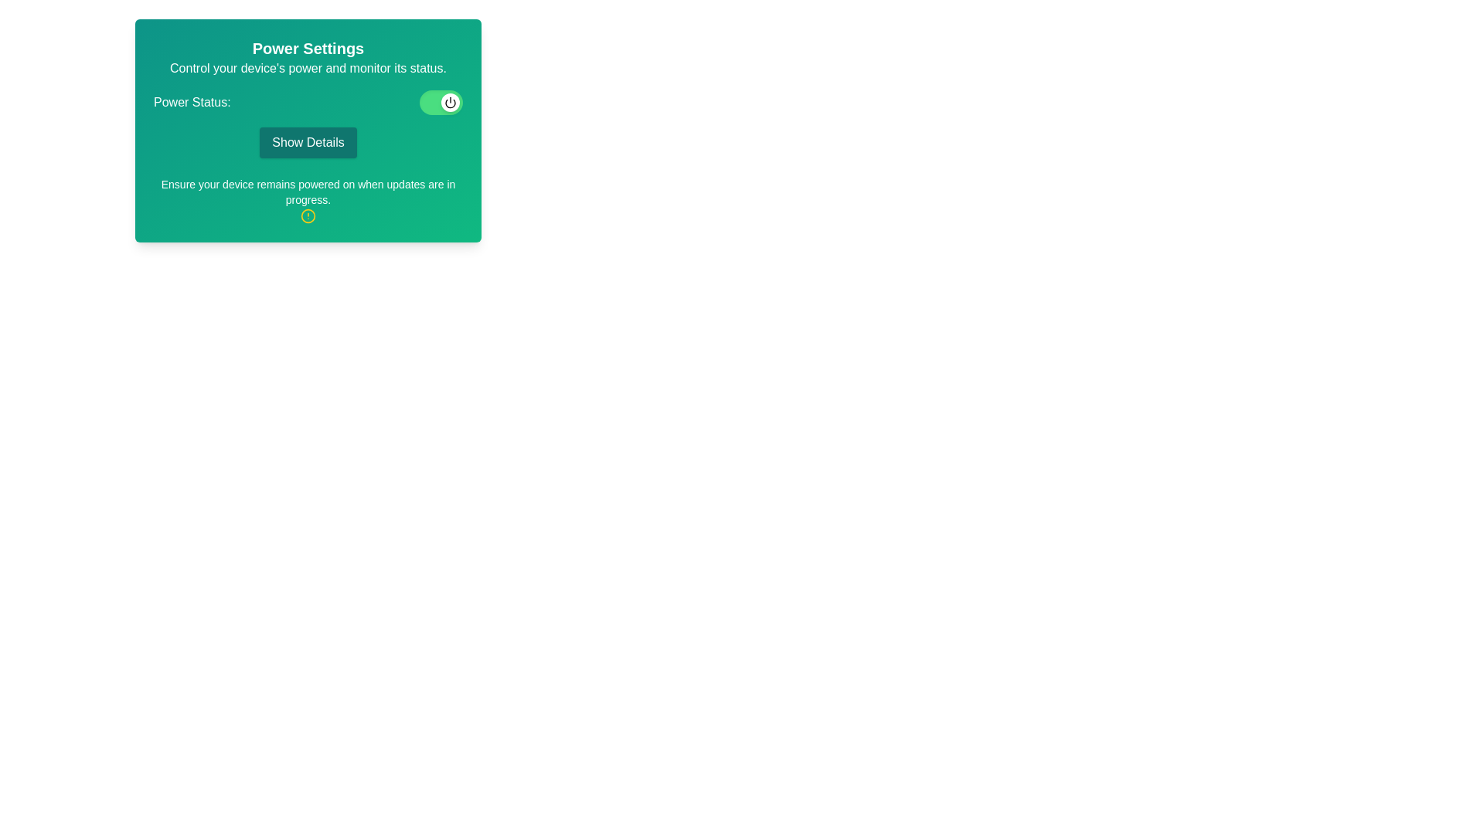 The image size is (1484, 834). I want to click on the button located below the label 'Power Status:', so click(308, 130).